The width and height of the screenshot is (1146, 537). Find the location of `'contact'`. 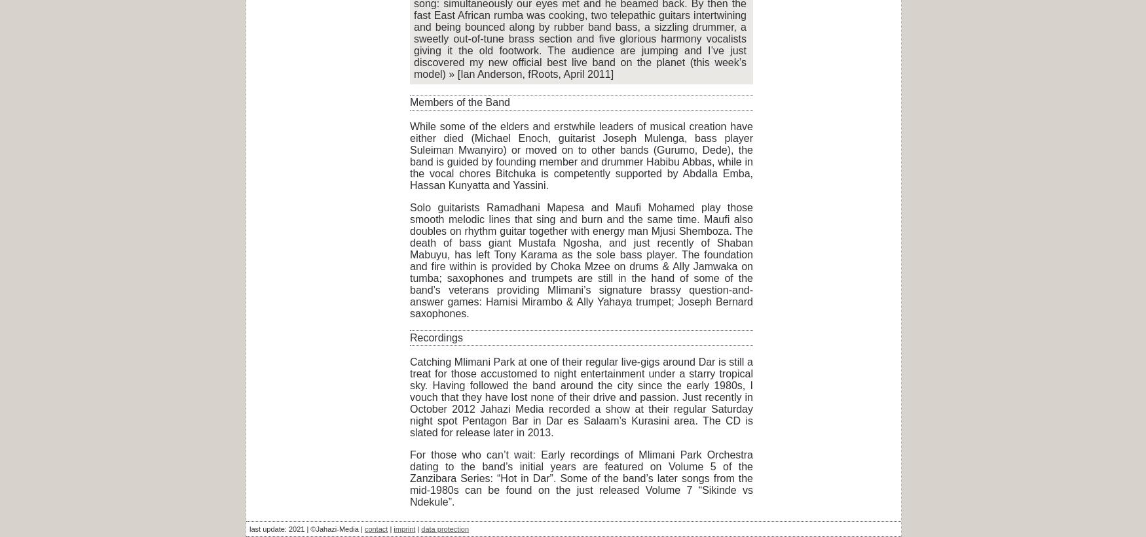

'contact' is located at coordinates (376, 529).